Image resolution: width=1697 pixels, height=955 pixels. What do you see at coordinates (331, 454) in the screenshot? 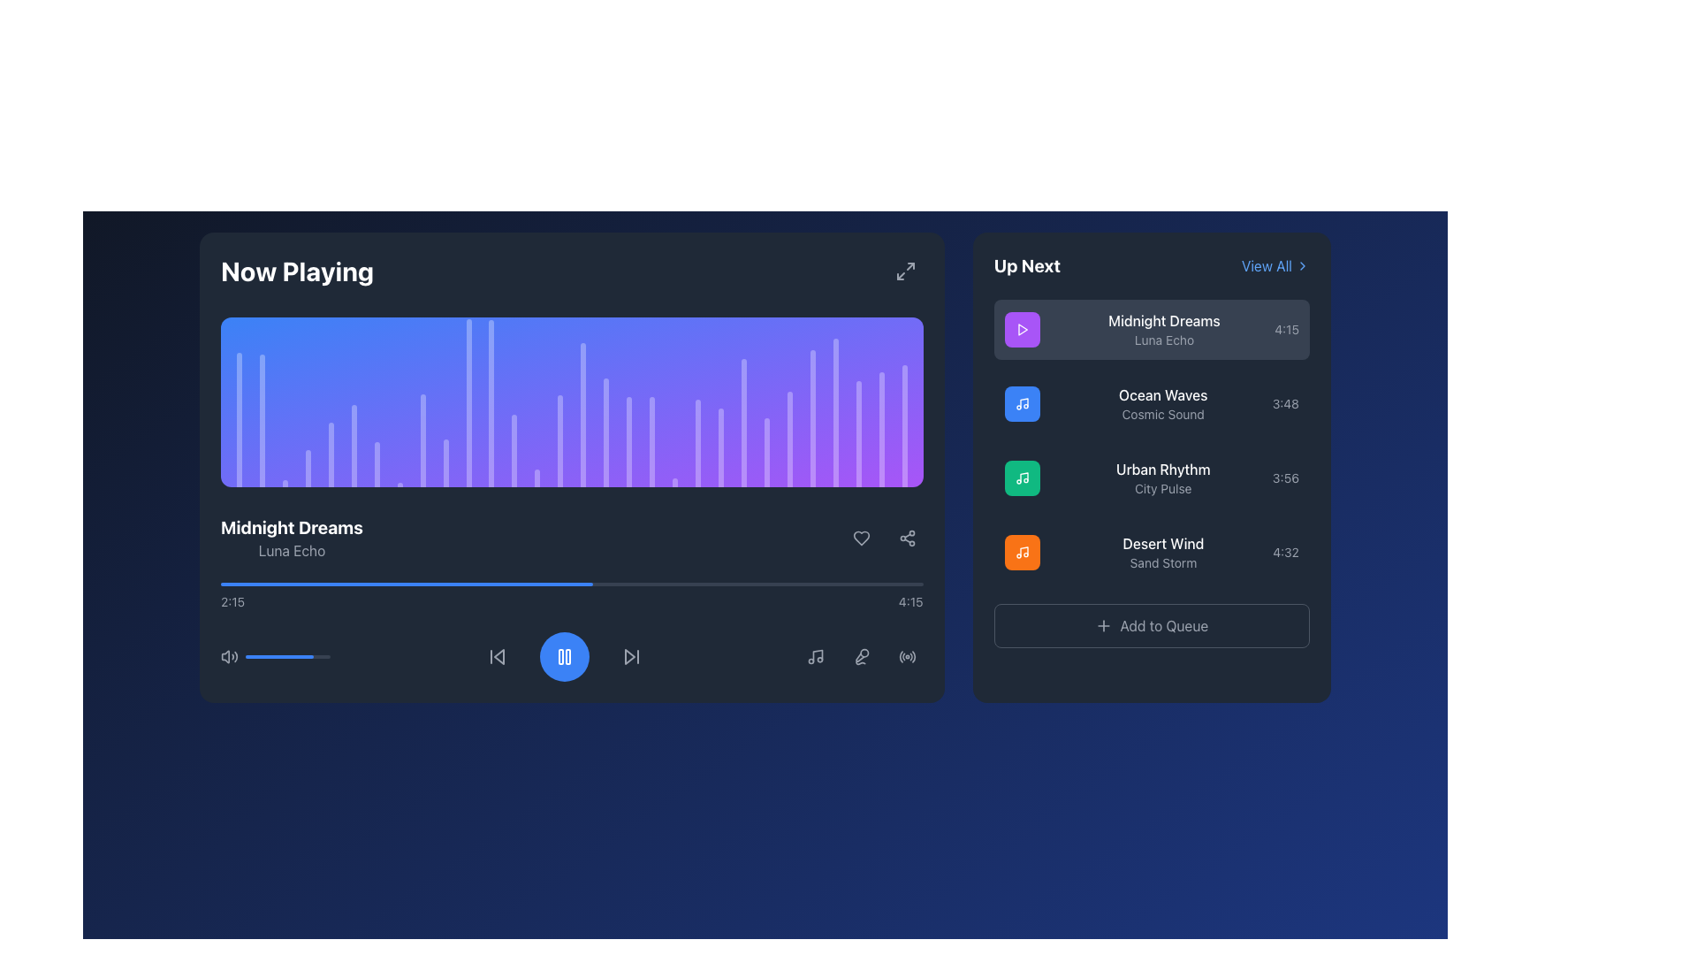
I see `the fifth bar in the visual equalizer that represents frequency amplitude, which dynamically changes height to reflect sound levels` at bounding box center [331, 454].